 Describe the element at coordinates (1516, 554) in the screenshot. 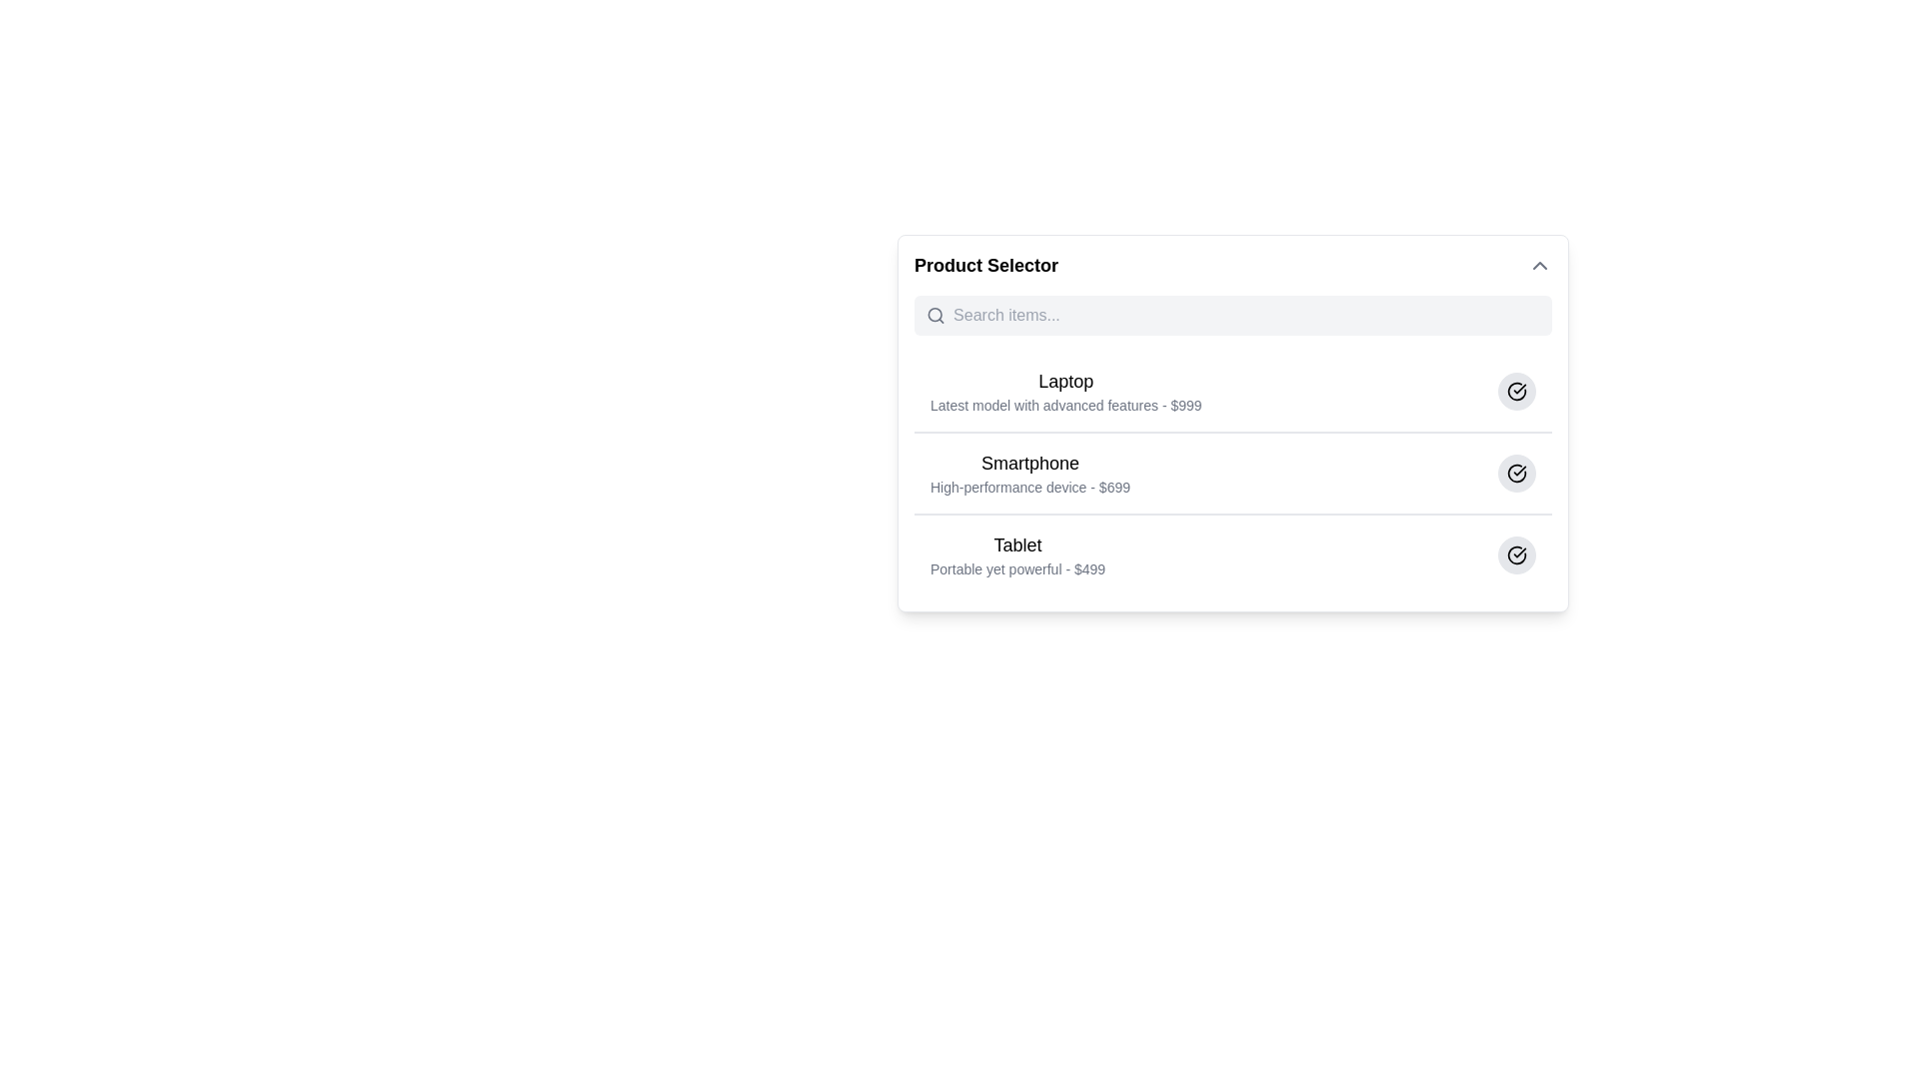

I see `the confirmation button for the 'Tablet' entry, which is the last button in a series of three located on the far right` at that location.